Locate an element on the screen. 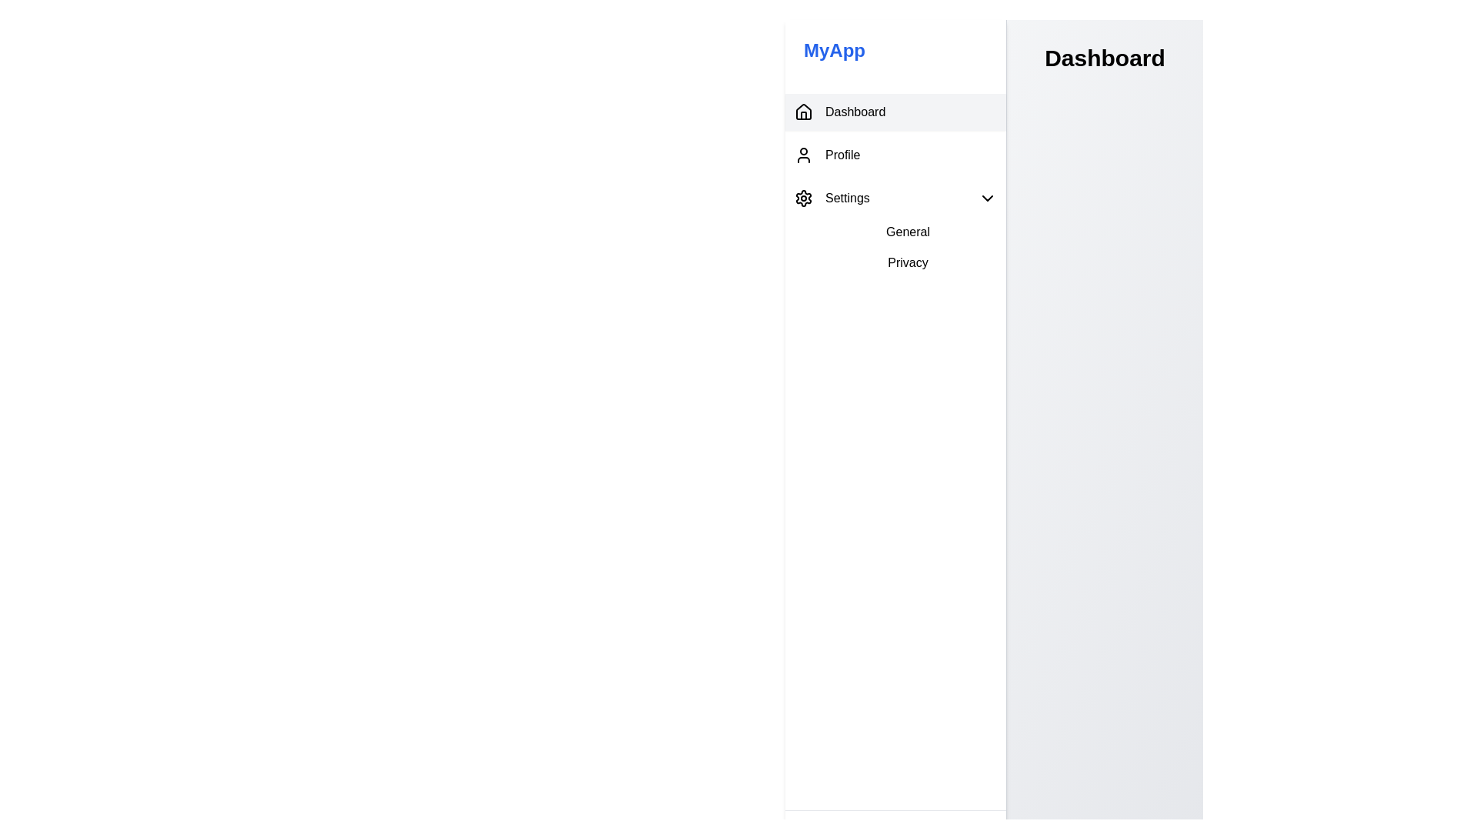  the cogwheel icon located in the left-side navigation menu under the 'Profile' section is located at coordinates (803, 198).